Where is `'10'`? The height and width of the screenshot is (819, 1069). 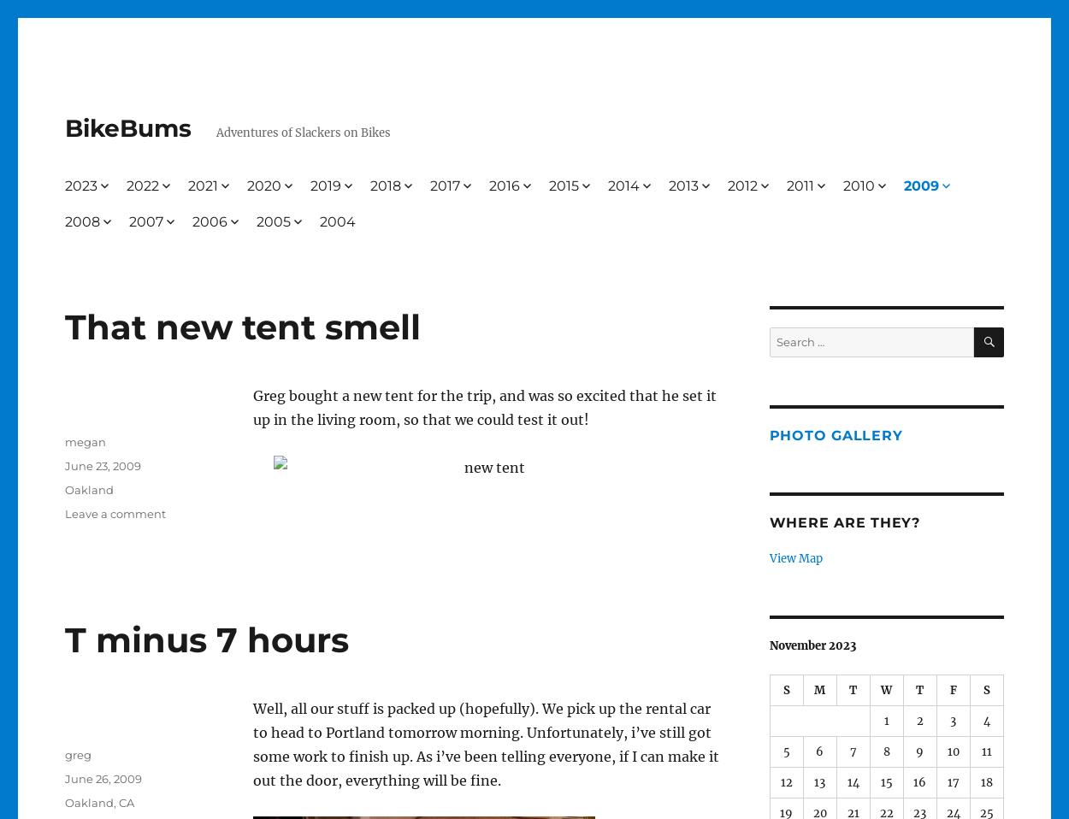 '10' is located at coordinates (946, 750).